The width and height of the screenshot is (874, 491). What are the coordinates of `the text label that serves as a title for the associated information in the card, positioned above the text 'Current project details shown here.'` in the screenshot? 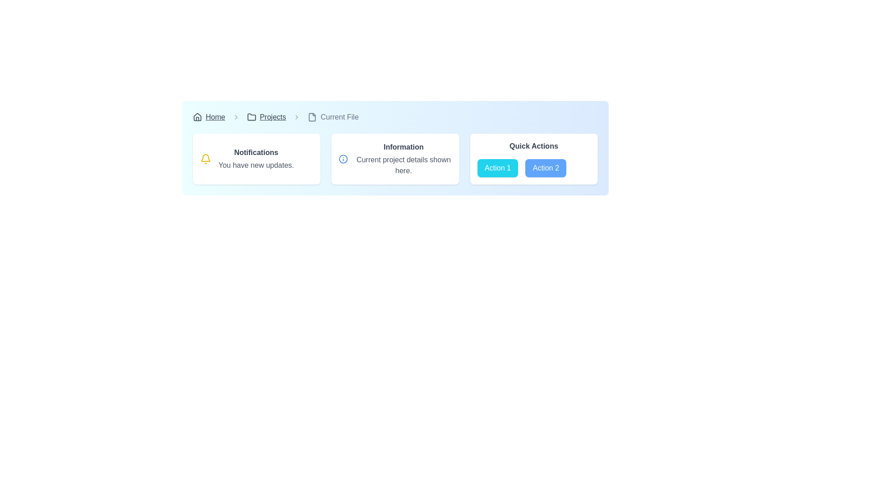 It's located at (403, 147).